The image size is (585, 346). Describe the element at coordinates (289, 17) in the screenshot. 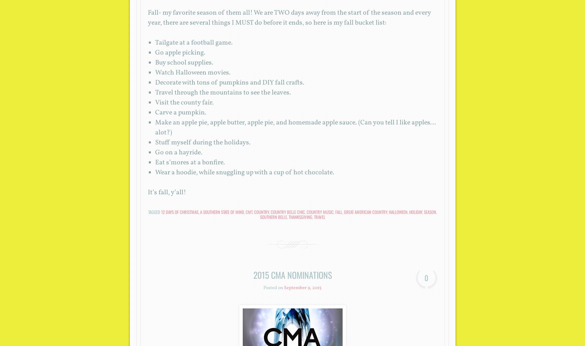

I see `'Fall- my favorite season of them all! We are TWO days away from the start of the season and every year, there are several things I MUST do before it ends, so here is my fall bucket list:'` at that location.